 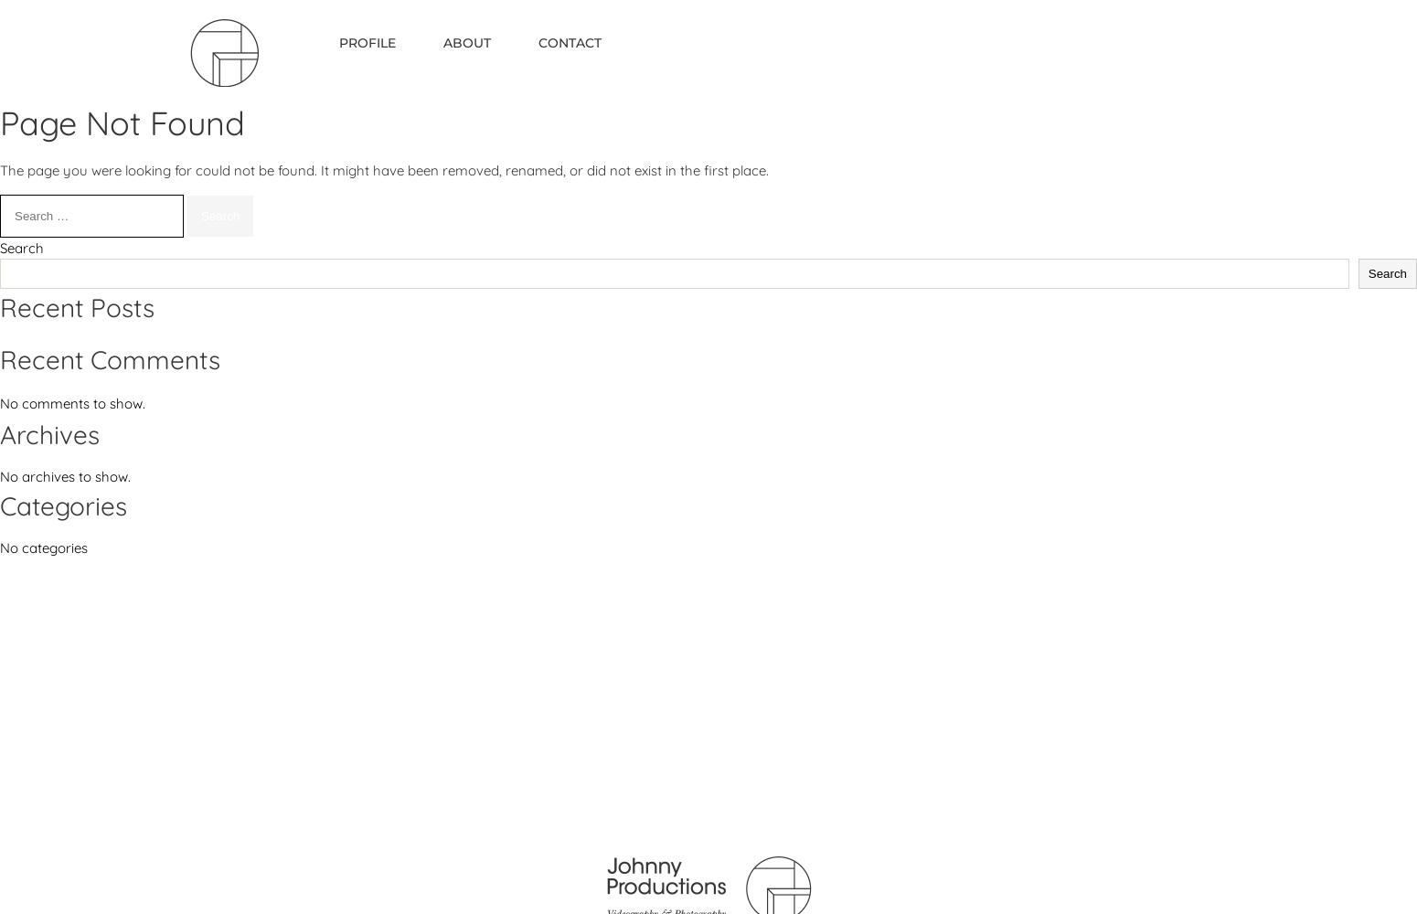 What do you see at coordinates (43, 547) in the screenshot?
I see `'No categories'` at bounding box center [43, 547].